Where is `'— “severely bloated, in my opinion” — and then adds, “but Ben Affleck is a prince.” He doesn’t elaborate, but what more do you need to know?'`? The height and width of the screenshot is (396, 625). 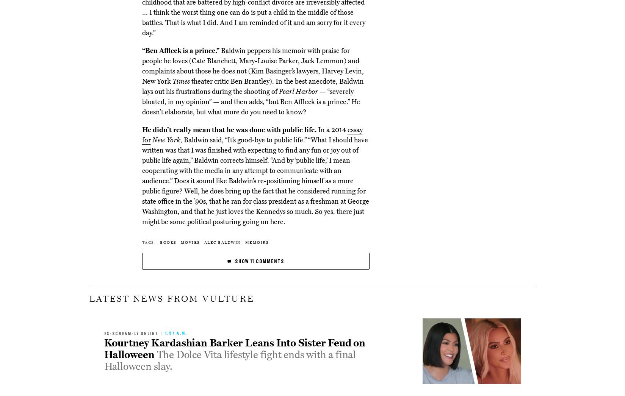
'— “severely bloated, in my opinion” — and then adds, “but Ben Affleck is a prince.” He doesn’t elaborate, but what more do you need to know?' is located at coordinates (141, 101).